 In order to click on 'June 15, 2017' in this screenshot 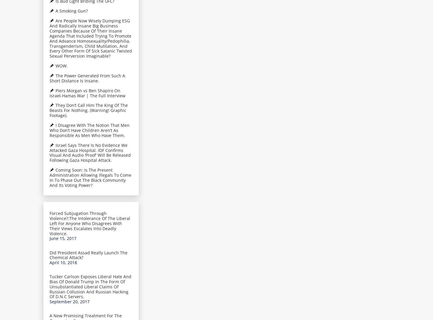, I will do `click(62, 238)`.